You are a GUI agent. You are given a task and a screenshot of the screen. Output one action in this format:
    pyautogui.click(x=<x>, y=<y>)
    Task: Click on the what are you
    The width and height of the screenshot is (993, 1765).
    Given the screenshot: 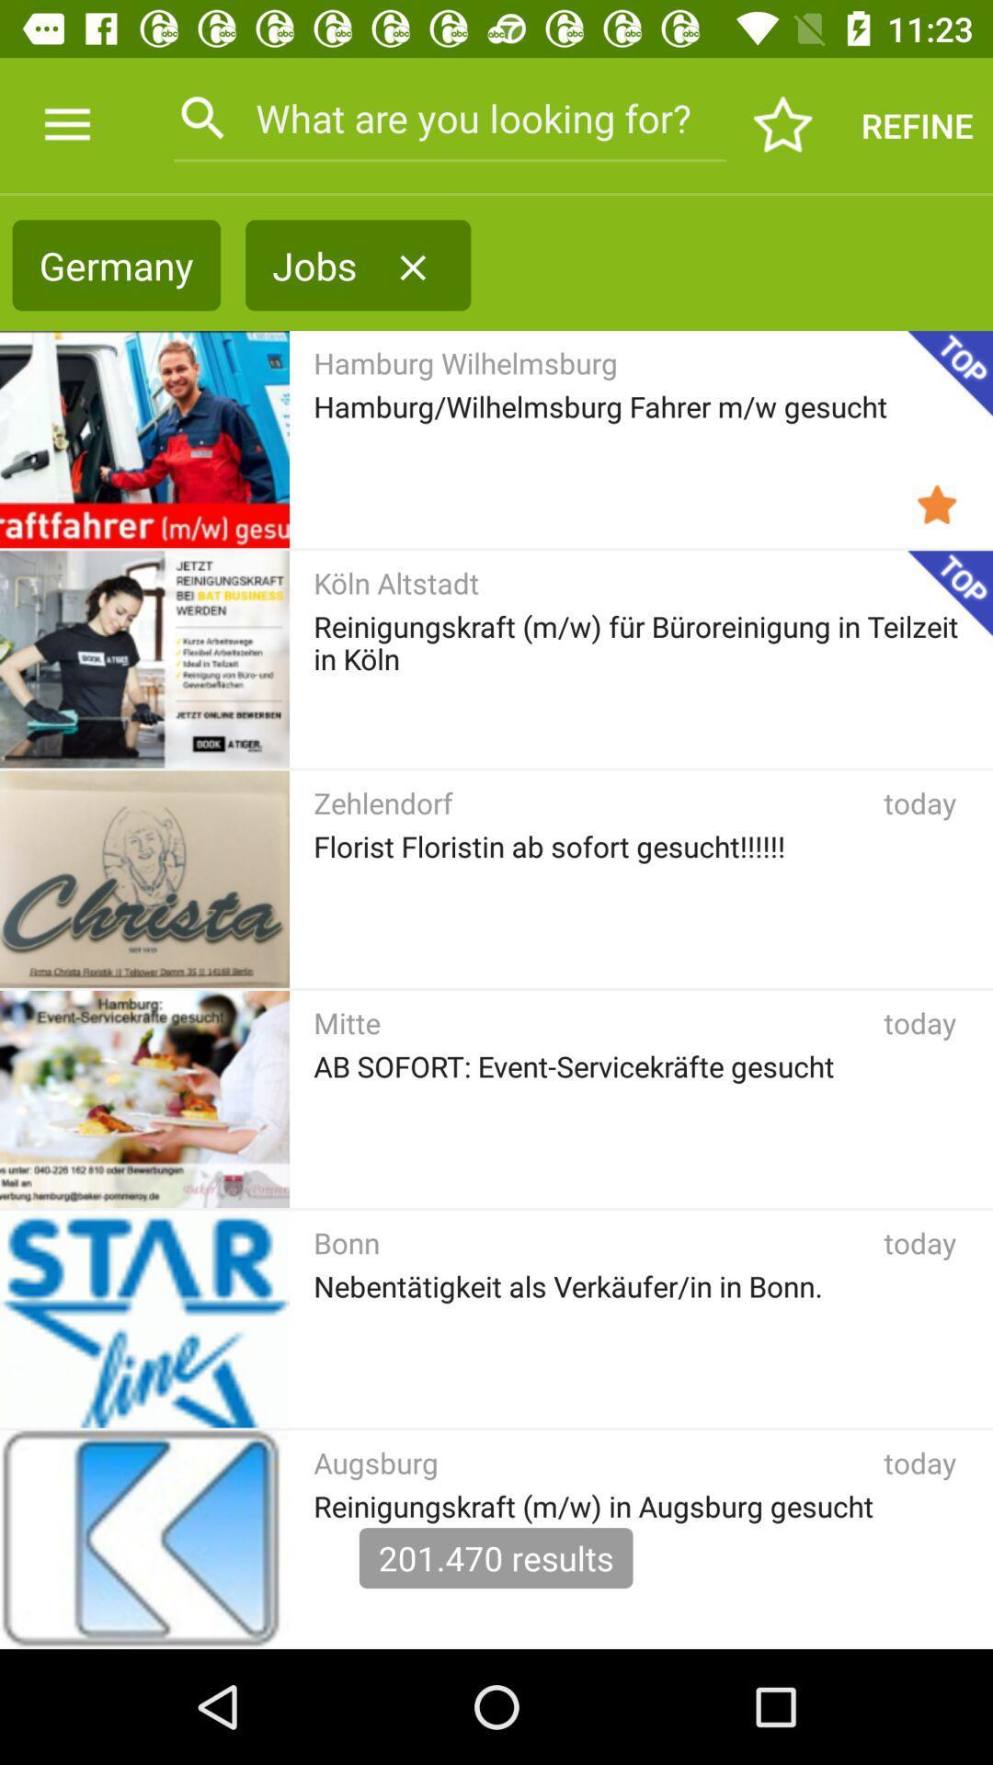 What is the action you would take?
    pyautogui.click(x=450, y=117)
    